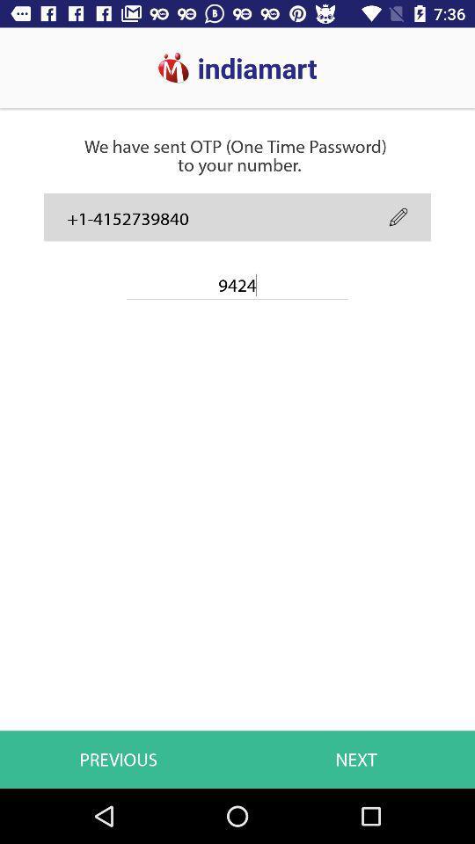  Describe the element at coordinates (121, 706) in the screenshot. I see `the previous button` at that location.